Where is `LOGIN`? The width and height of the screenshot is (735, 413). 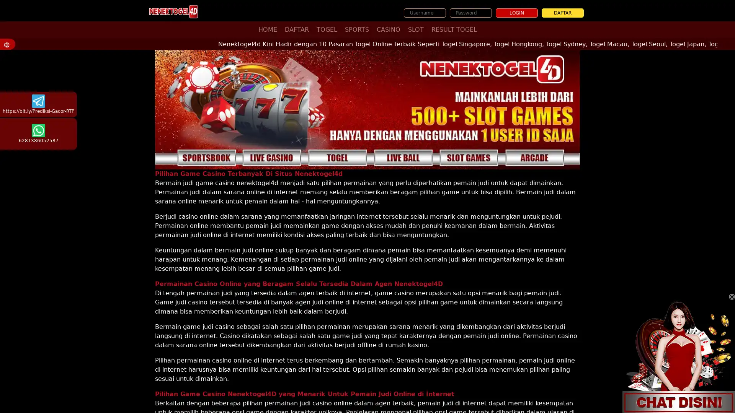
LOGIN is located at coordinates (516, 13).